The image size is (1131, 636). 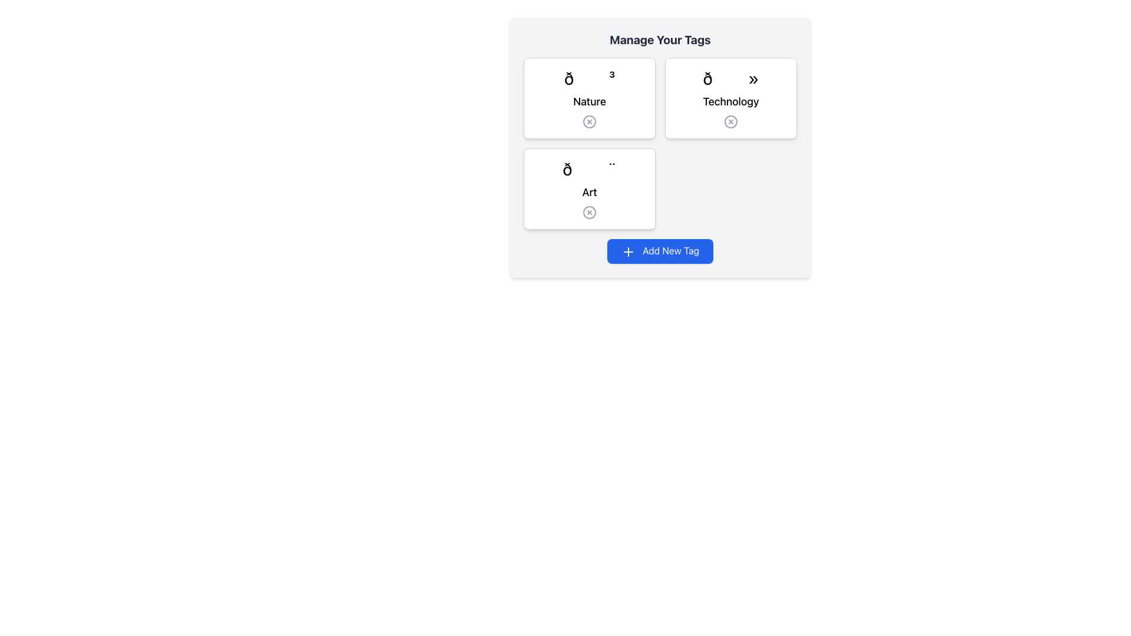 I want to click on the remove or close button, so click(x=590, y=122).